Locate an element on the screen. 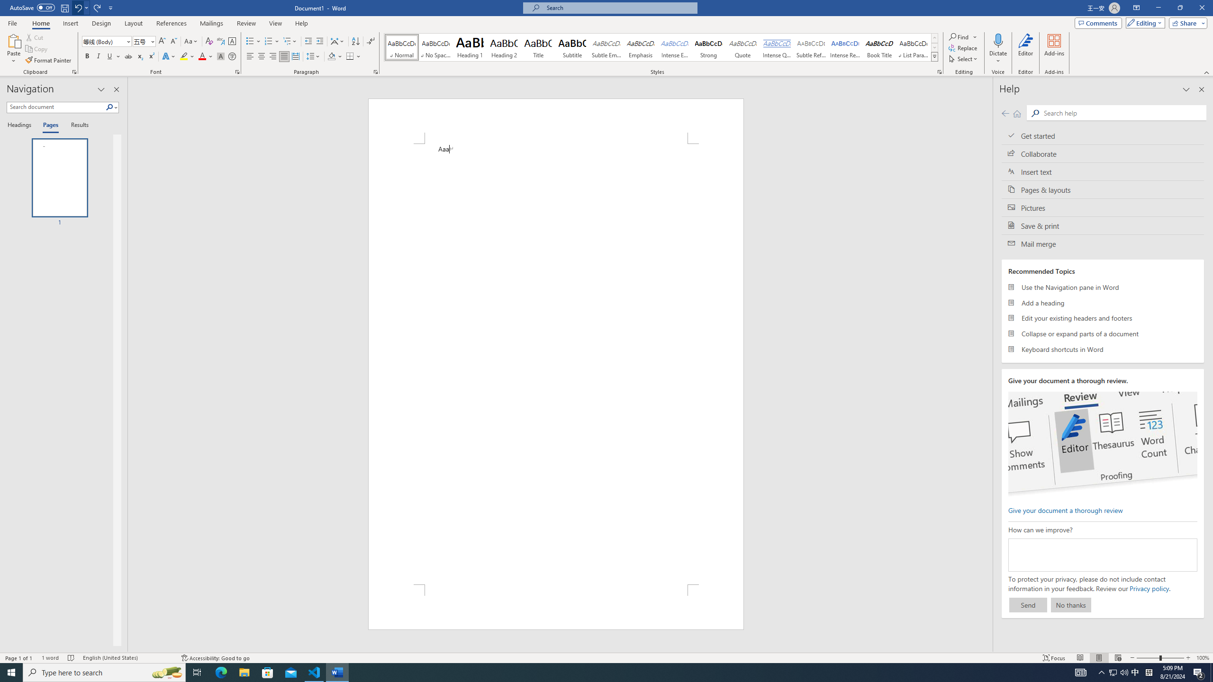 The height and width of the screenshot is (682, 1213). 'Undo Increase Indent' is located at coordinates (81, 7).